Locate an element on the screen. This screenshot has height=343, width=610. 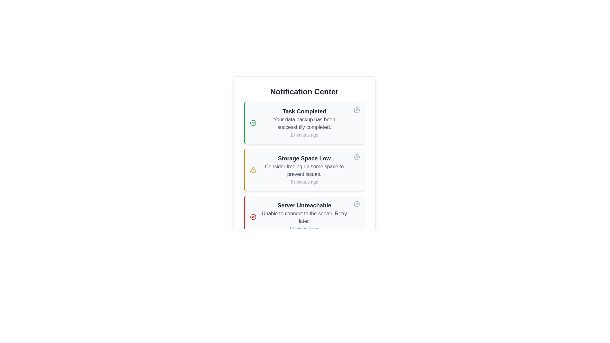
the Notification card that indicates a server connection issue, positioned centrally below the 'Storage Space Low' notification in the vertical list of notifications is located at coordinates (304, 216).